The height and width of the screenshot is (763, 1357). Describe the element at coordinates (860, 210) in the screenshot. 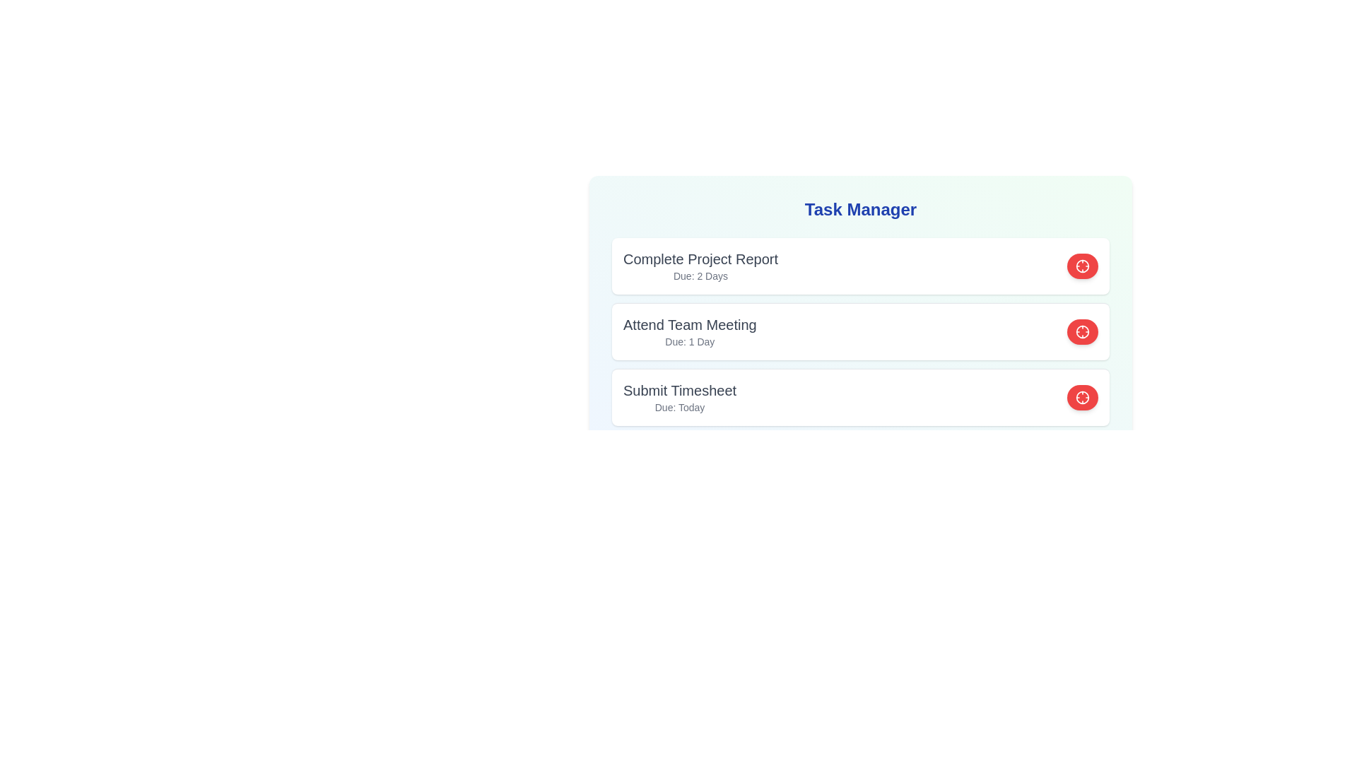

I see `the blue-colored, bold-font title text 'Task Manager' located at the top of the card interface` at that location.